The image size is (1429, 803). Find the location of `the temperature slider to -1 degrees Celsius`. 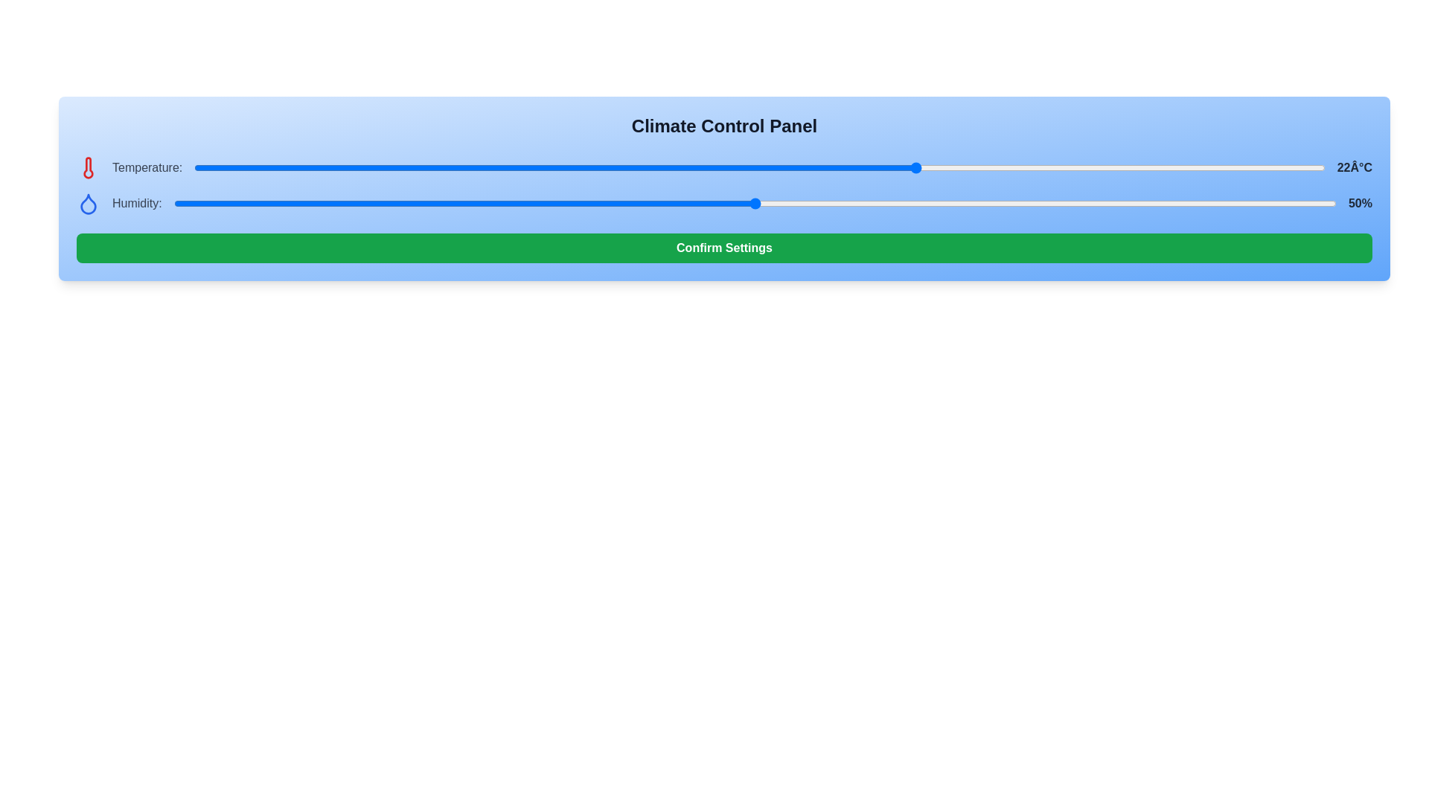

the temperature slider to -1 degrees Celsius is located at coordinates (397, 167).